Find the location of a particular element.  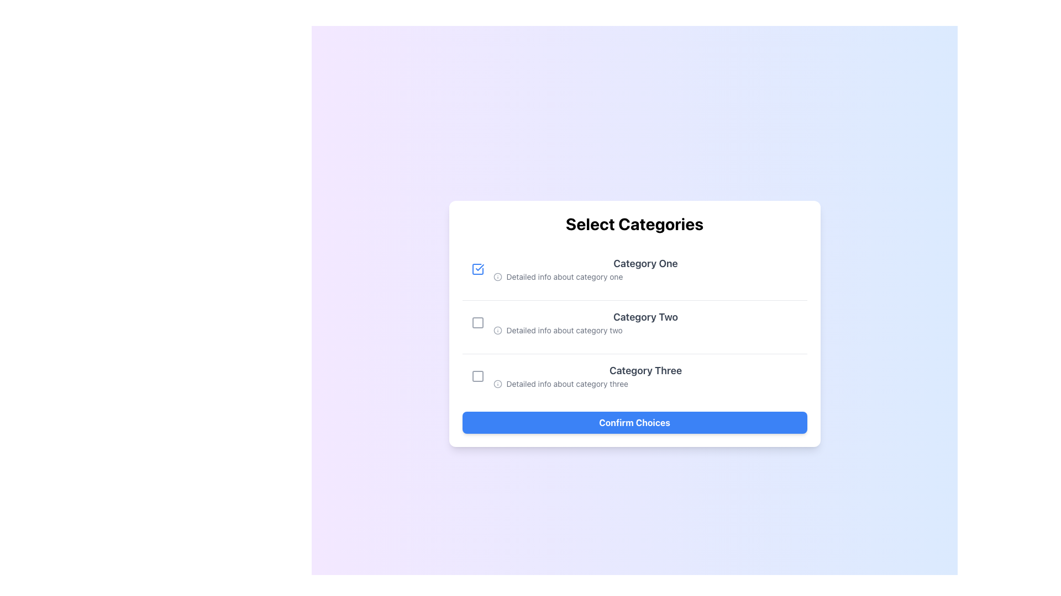

the white circular SVG circle element within the information icon for 'Category Three', which is located at the center of the icon aligned with the checkbox and text label is located at coordinates (497, 383).